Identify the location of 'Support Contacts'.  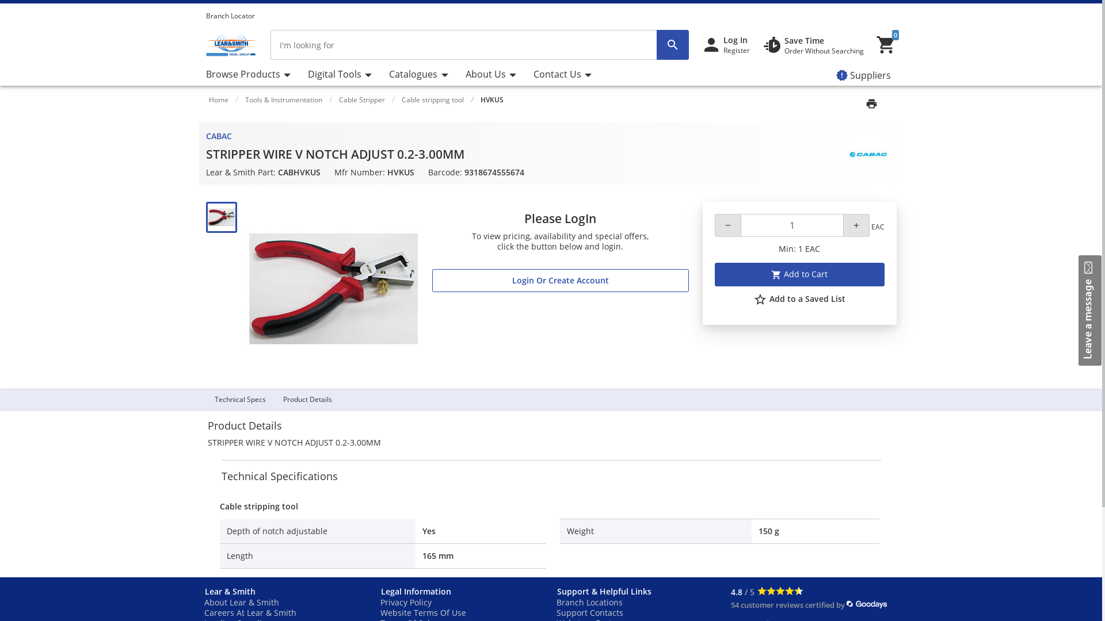
(589, 612).